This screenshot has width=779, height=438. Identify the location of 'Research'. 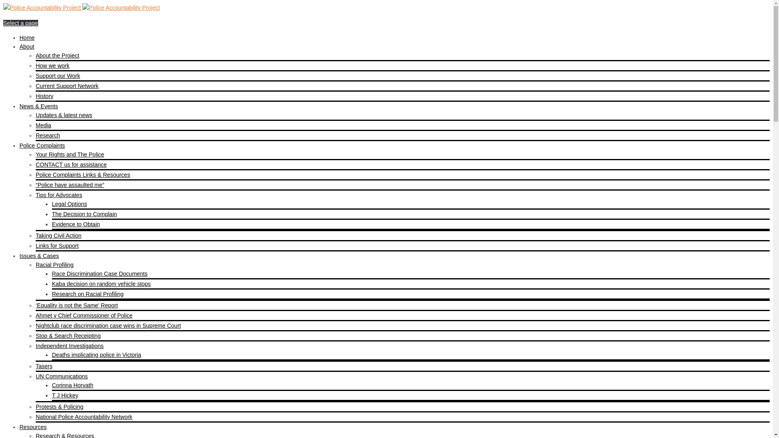
(35, 135).